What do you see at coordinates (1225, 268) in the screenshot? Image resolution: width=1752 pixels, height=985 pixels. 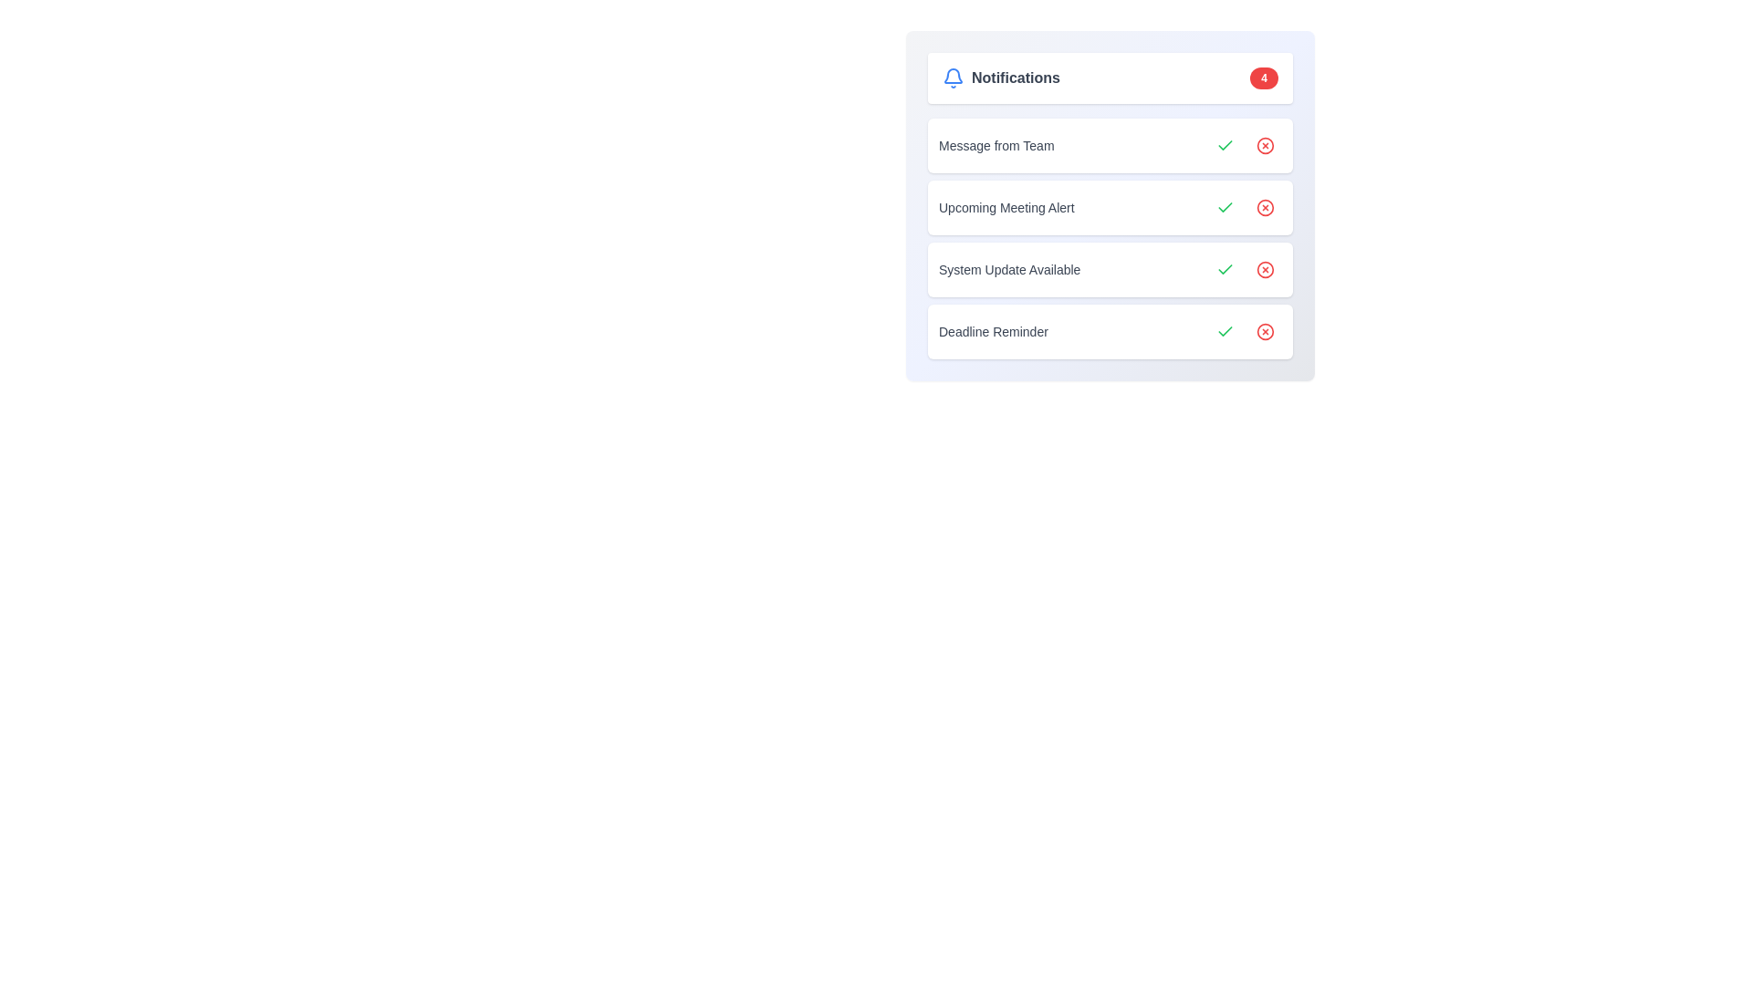 I see `the green checkmark icon indicating the completion of the 'System Update Available' notification task` at bounding box center [1225, 268].